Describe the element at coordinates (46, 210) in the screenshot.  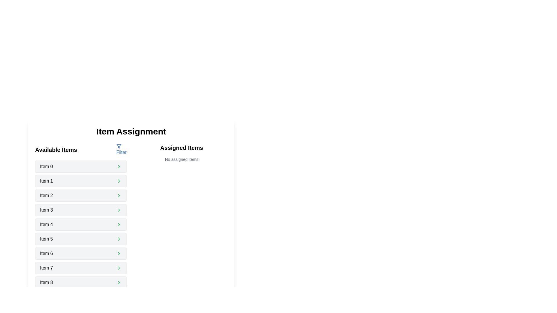
I see `the text label displaying 'Item 3' in the 'Available Items' section on the left-hand side of the interface` at that location.